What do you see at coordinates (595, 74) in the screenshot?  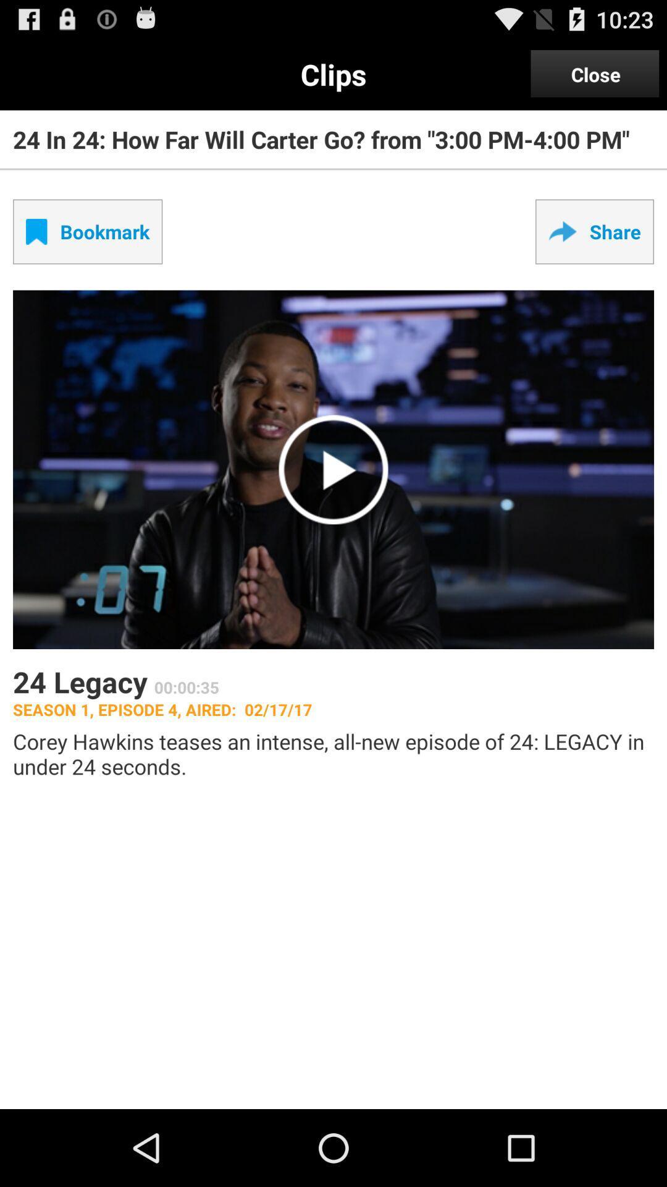 I see `the close button` at bounding box center [595, 74].